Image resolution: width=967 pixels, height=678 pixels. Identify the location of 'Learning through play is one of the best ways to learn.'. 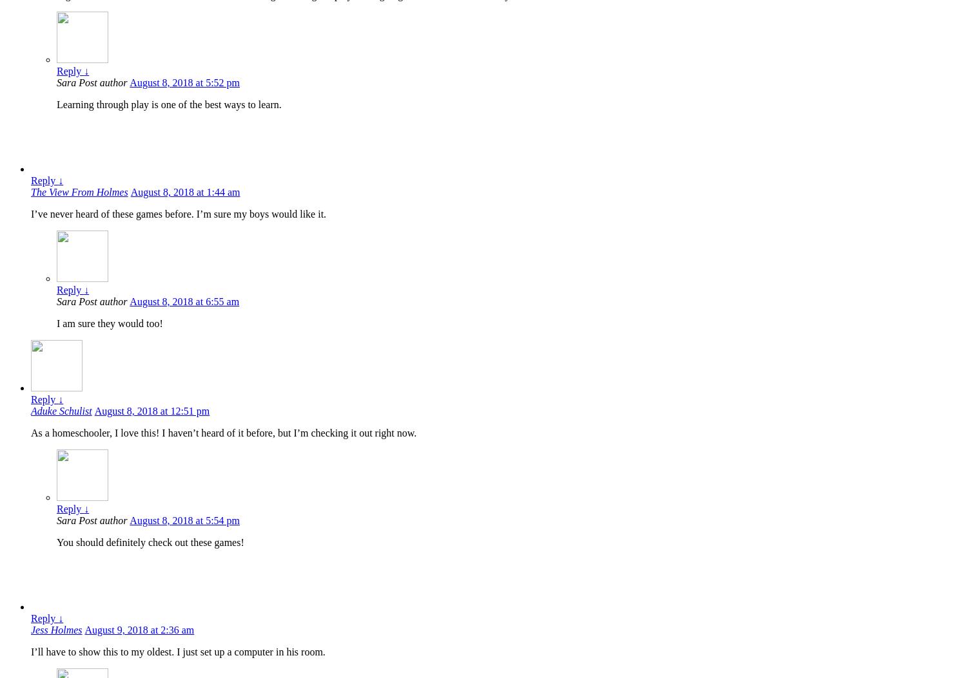
(169, 104).